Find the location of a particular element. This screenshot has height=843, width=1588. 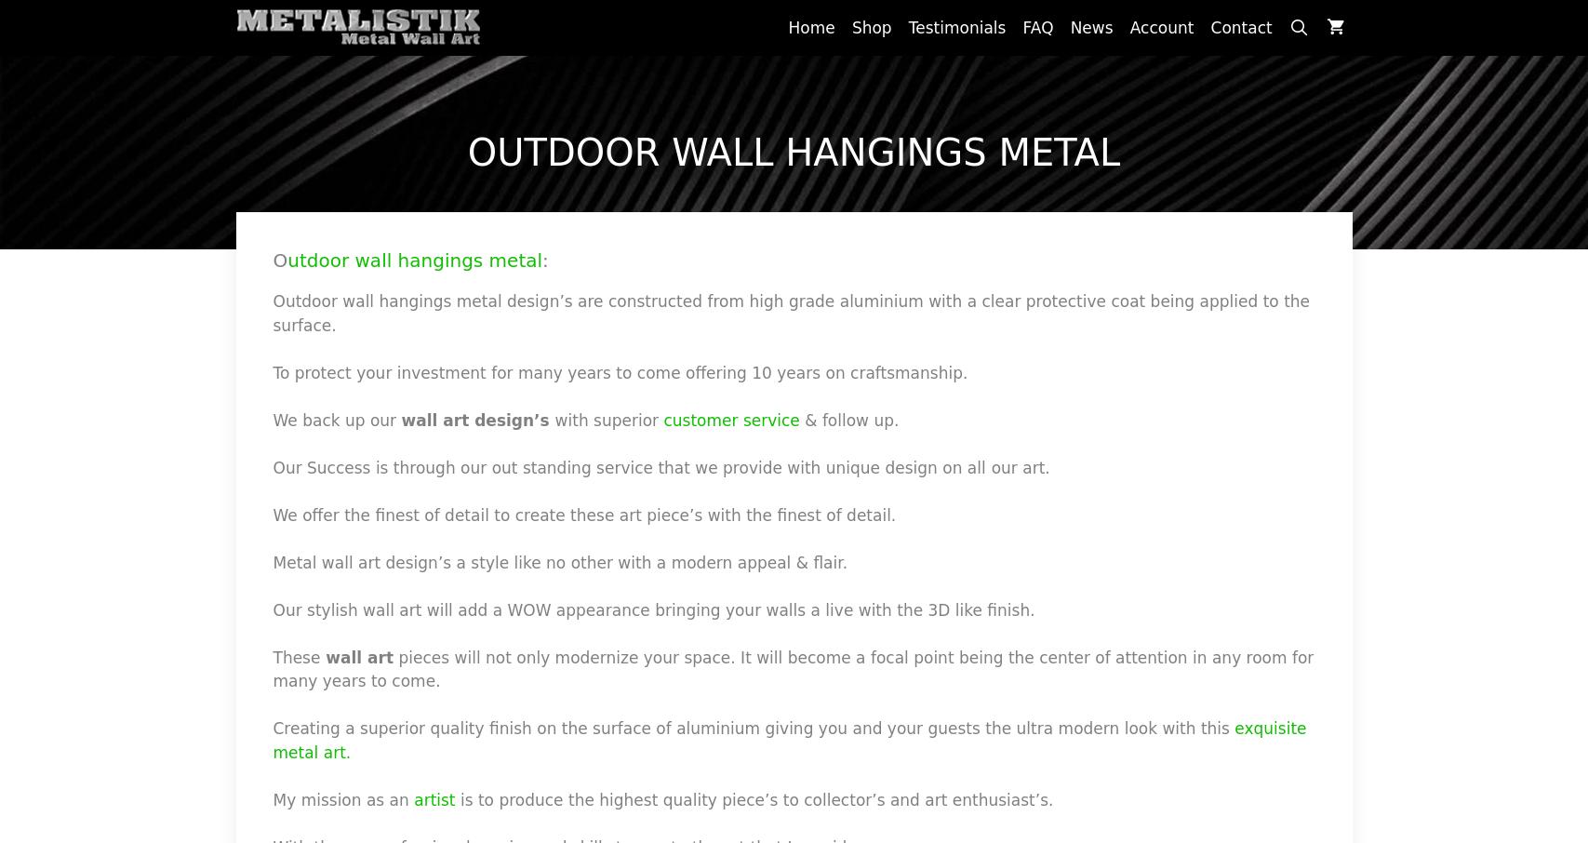

'Creating a superior quality finish on the surface of aluminium giving you and your guests the ultra modern look with this' is located at coordinates (753, 728).